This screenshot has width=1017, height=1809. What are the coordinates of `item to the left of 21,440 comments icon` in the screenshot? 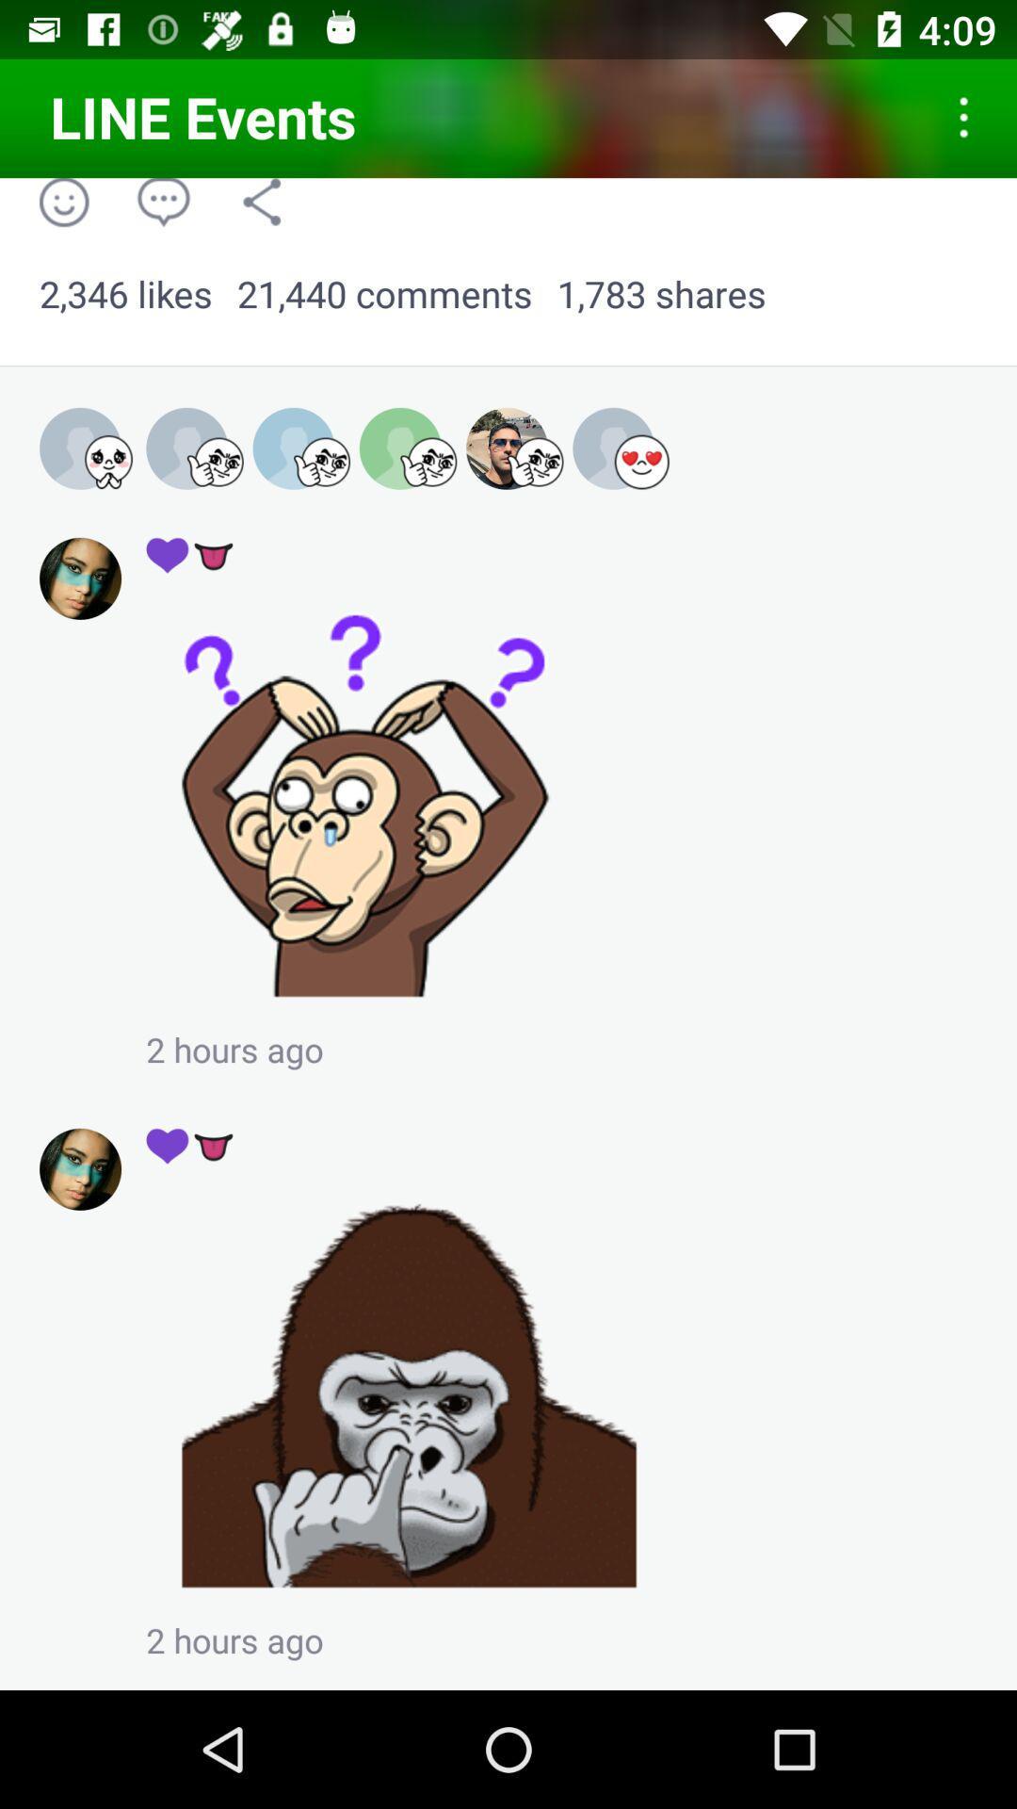 It's located at (125, 294).